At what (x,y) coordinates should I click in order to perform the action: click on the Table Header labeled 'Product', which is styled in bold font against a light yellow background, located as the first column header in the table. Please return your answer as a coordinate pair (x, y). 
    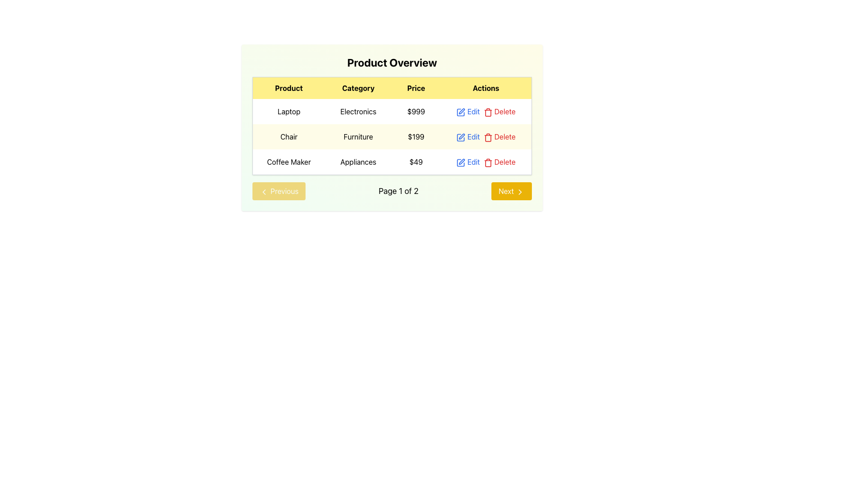
    Looking at the image, I should click on (288, 88).